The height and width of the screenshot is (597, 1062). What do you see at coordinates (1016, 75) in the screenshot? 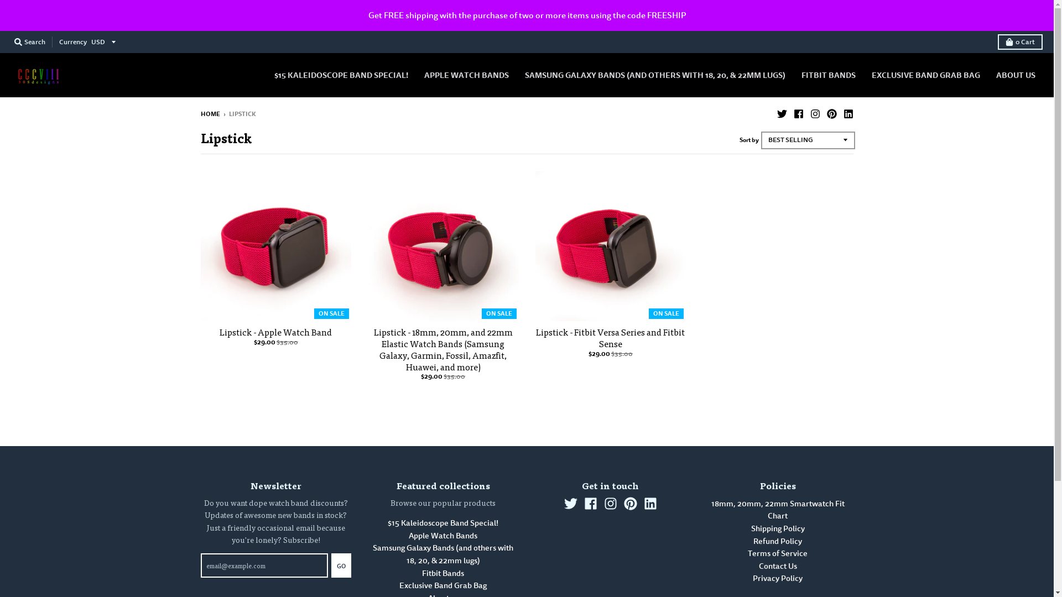
I see `'ABOUT US'` at bounding box center [1016, 75].